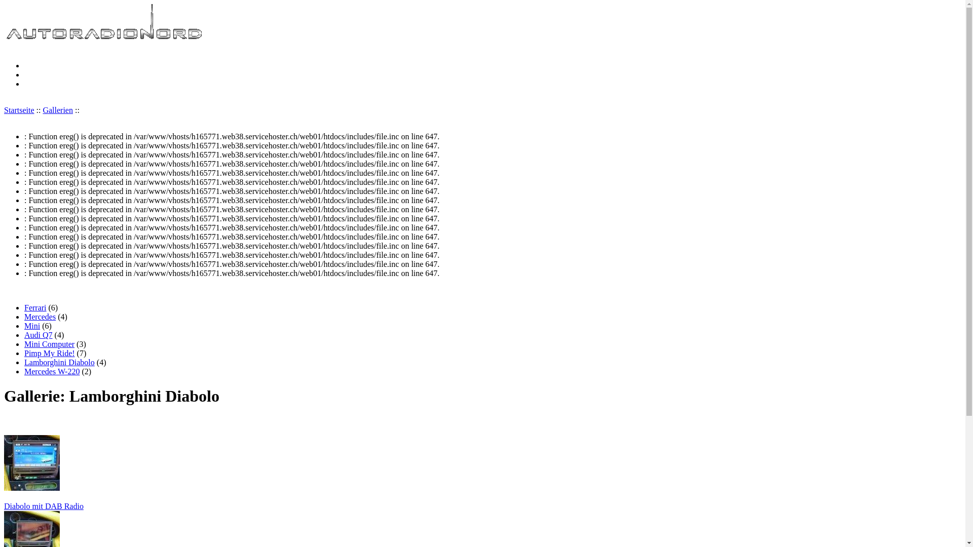 The image size is (973, 547). I want to click on 'Mini', so click(32, 326).